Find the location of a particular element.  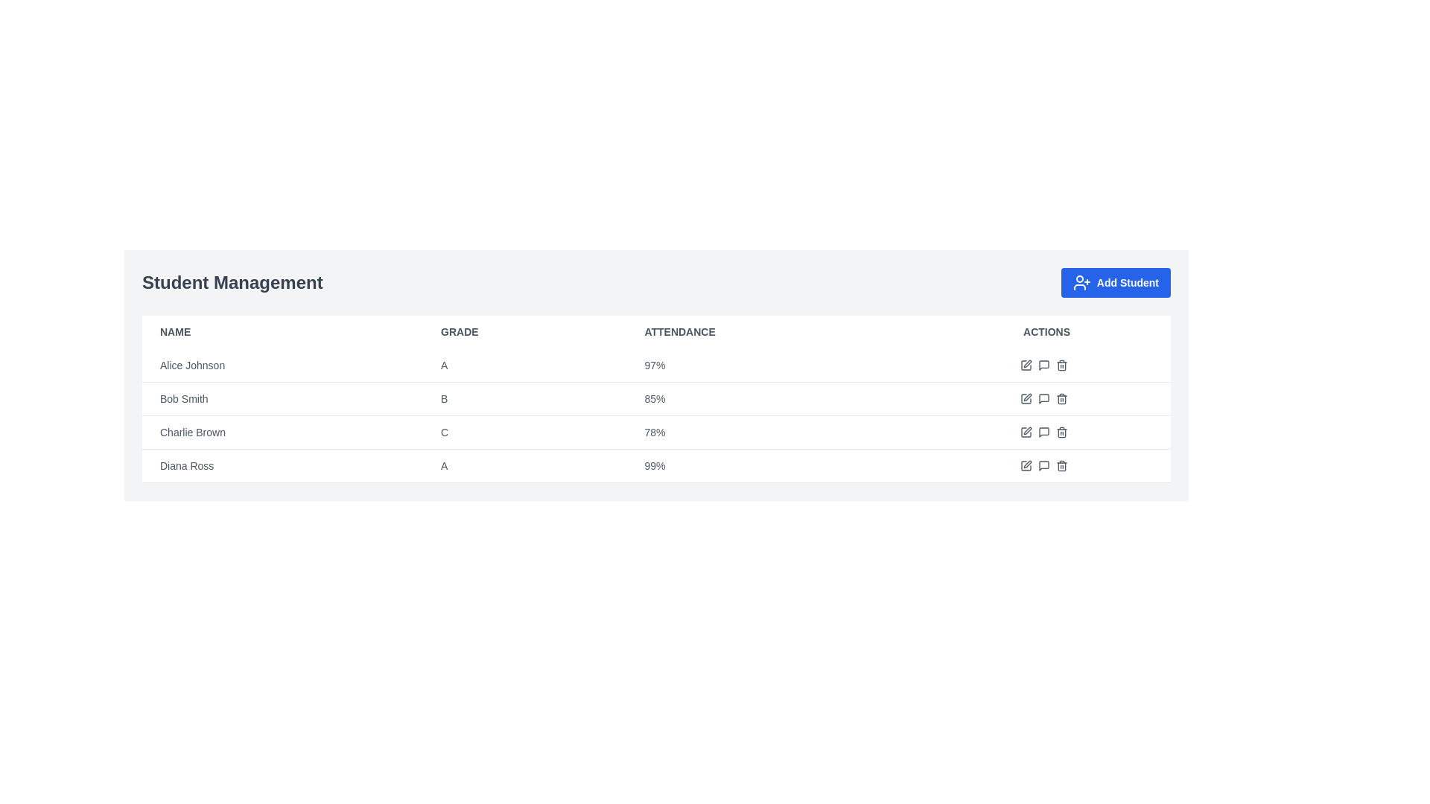

the small, square-shaped icon resembling a speech bubble located in the 'Actions' column of the second row associated with Bob Smith is located at coordinates (1043, 398).